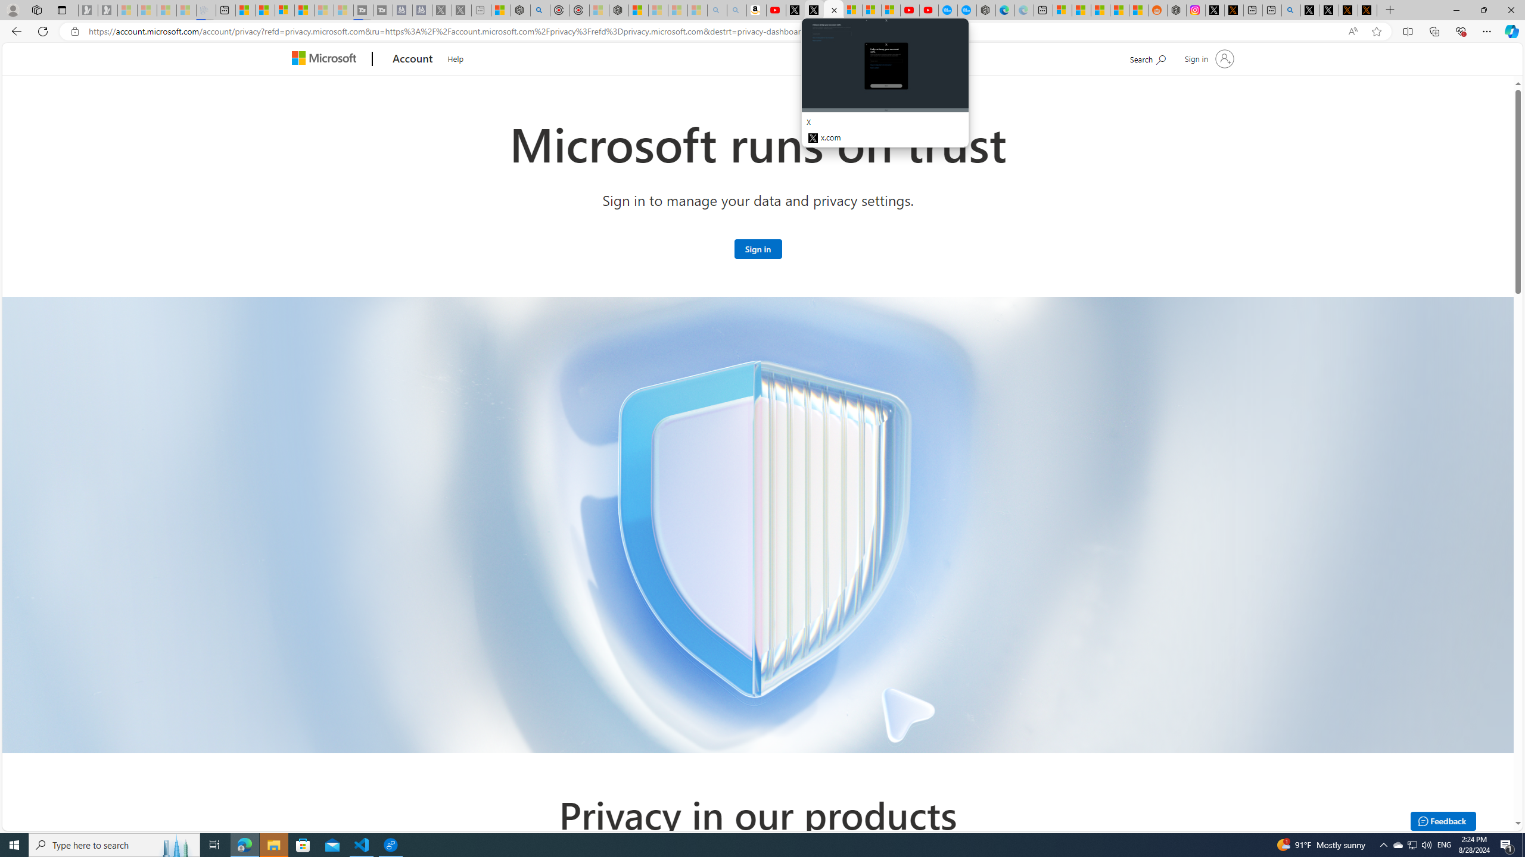  I want to click on 'X Privacy Policy', so click(1367, 10).